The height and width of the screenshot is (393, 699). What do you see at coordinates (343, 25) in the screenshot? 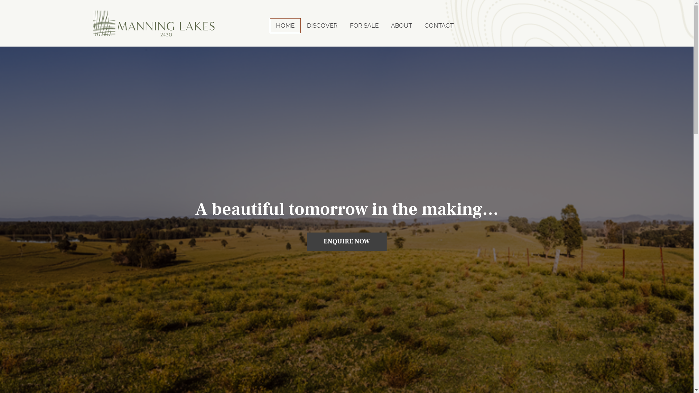
I see `'FOR SALE'` at bounding box center [343, 25].